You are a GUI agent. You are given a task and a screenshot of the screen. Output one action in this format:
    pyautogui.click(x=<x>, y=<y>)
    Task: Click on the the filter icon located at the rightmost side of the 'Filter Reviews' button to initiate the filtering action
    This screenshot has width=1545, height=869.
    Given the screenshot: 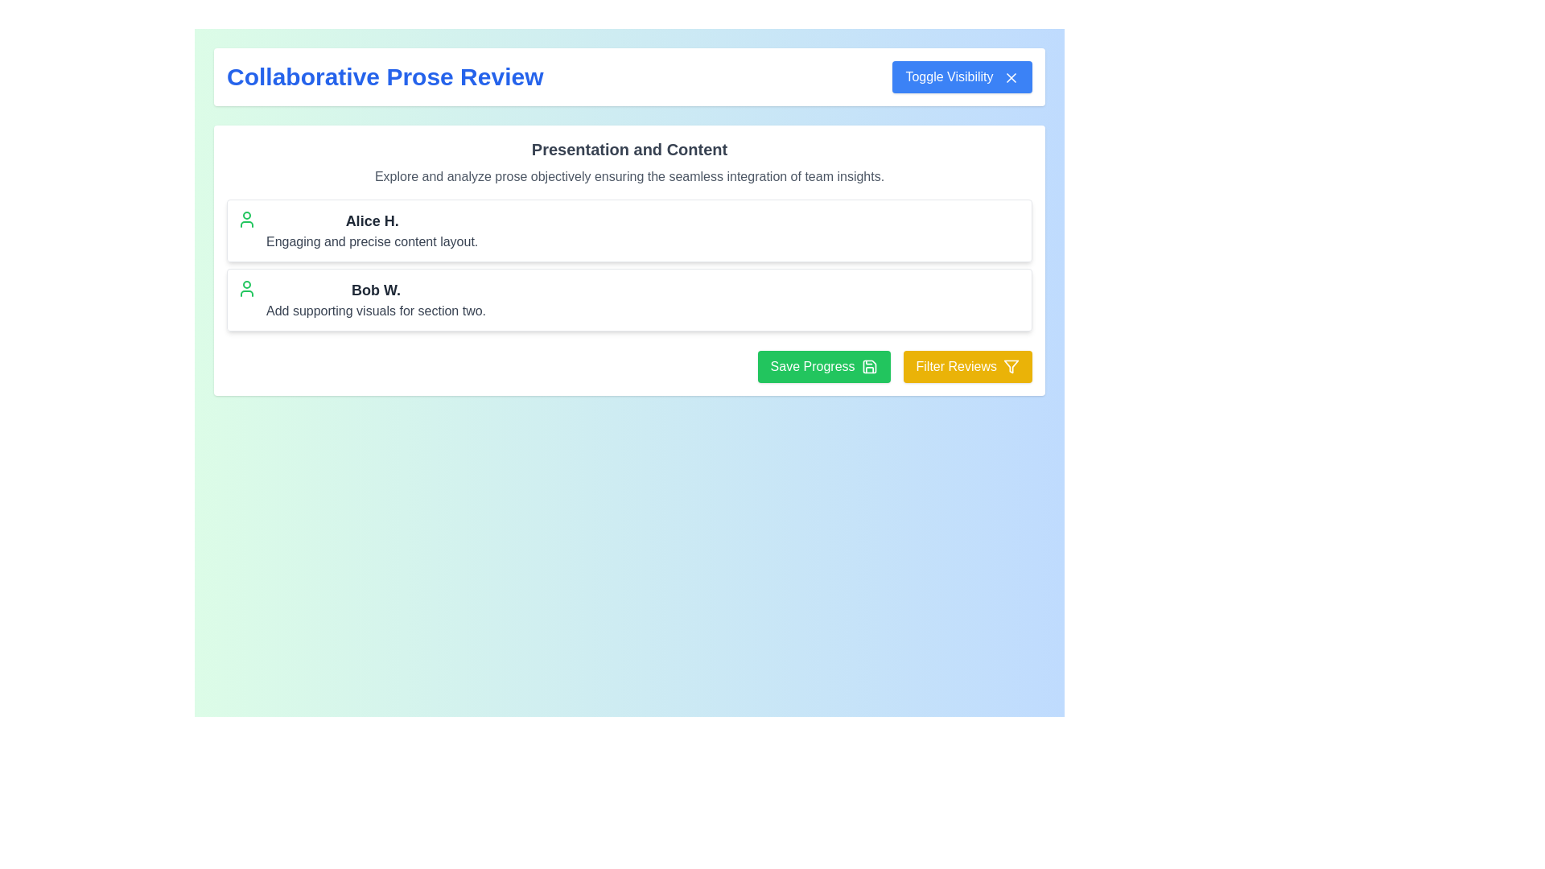 What is the action you would take?
    pyautogui.click(x=1011, y=366)
    